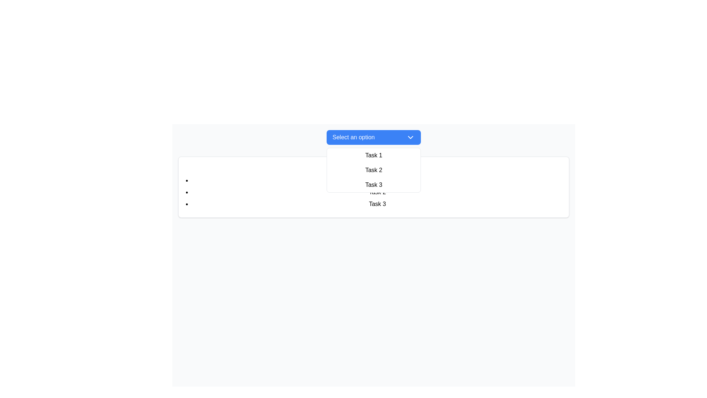 The height and width of the screenshot is (398, 707). What do you see at coordinates (373, 170) in the screenshot?
I see `the item in the dropdown menu located below the 'Select an option' button` at bounding box center [373, 170].